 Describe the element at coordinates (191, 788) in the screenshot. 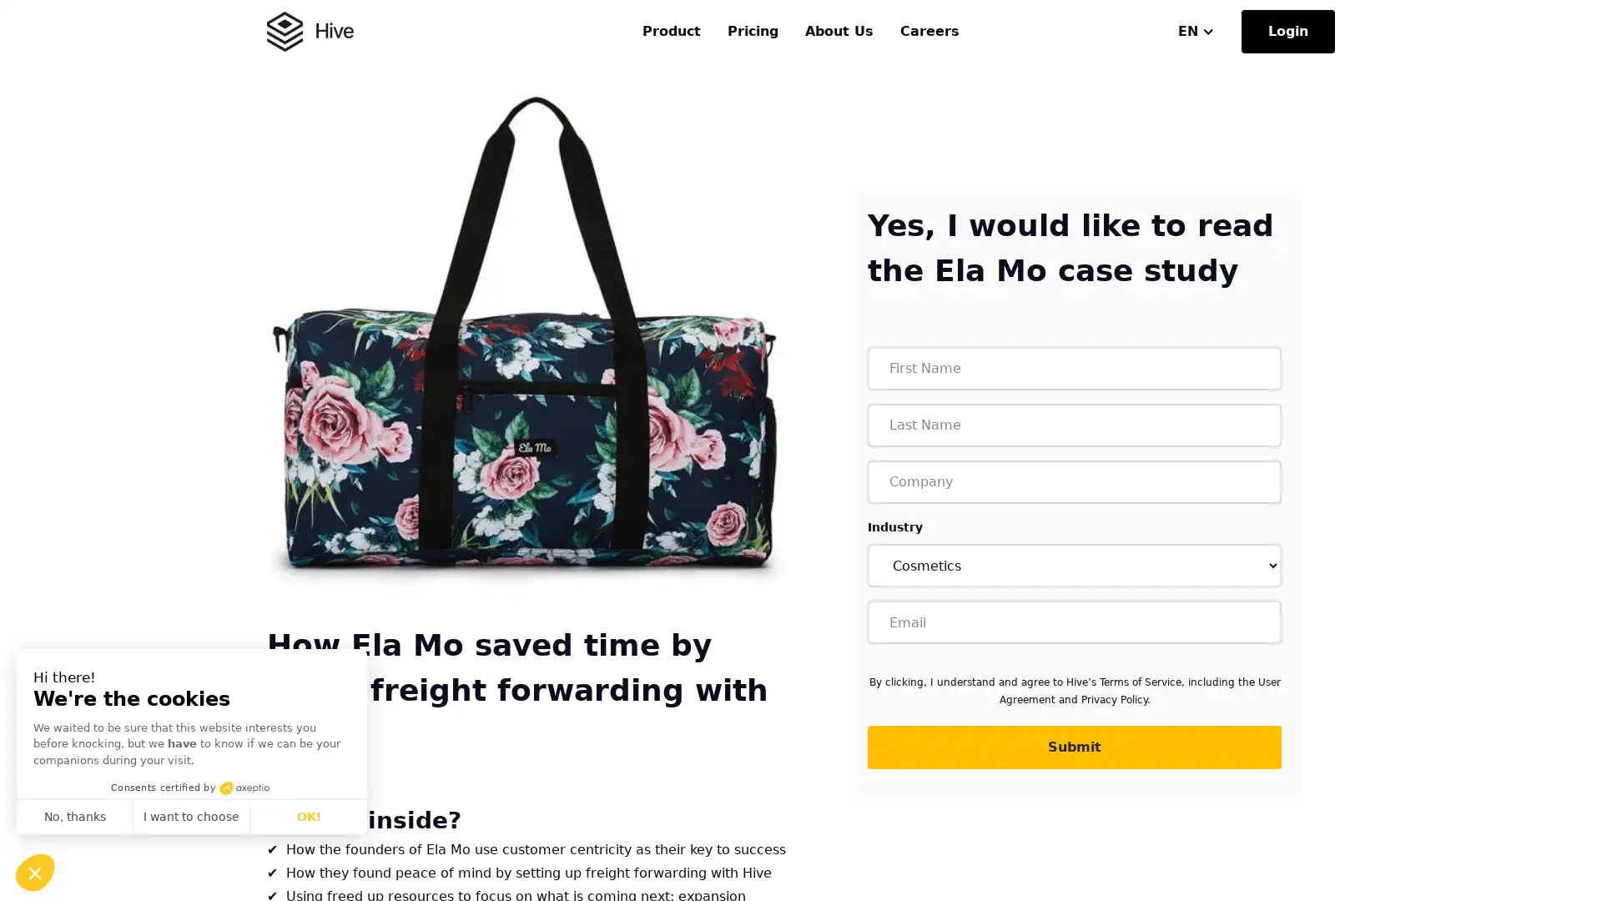

I see `Consents certified by` at that location.